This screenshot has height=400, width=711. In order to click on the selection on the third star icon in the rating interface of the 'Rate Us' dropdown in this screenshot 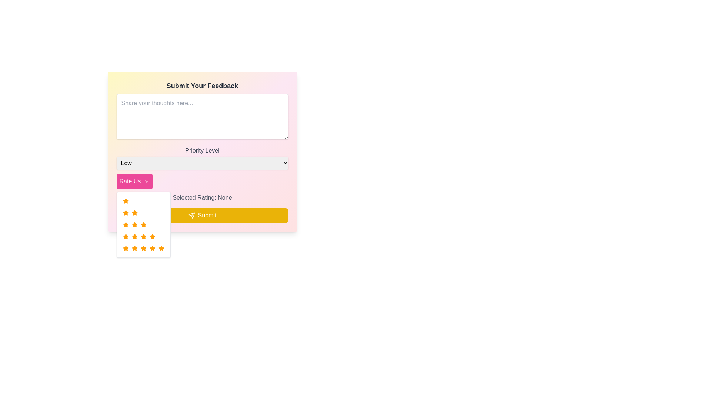, I will do `click(134, 249)`.